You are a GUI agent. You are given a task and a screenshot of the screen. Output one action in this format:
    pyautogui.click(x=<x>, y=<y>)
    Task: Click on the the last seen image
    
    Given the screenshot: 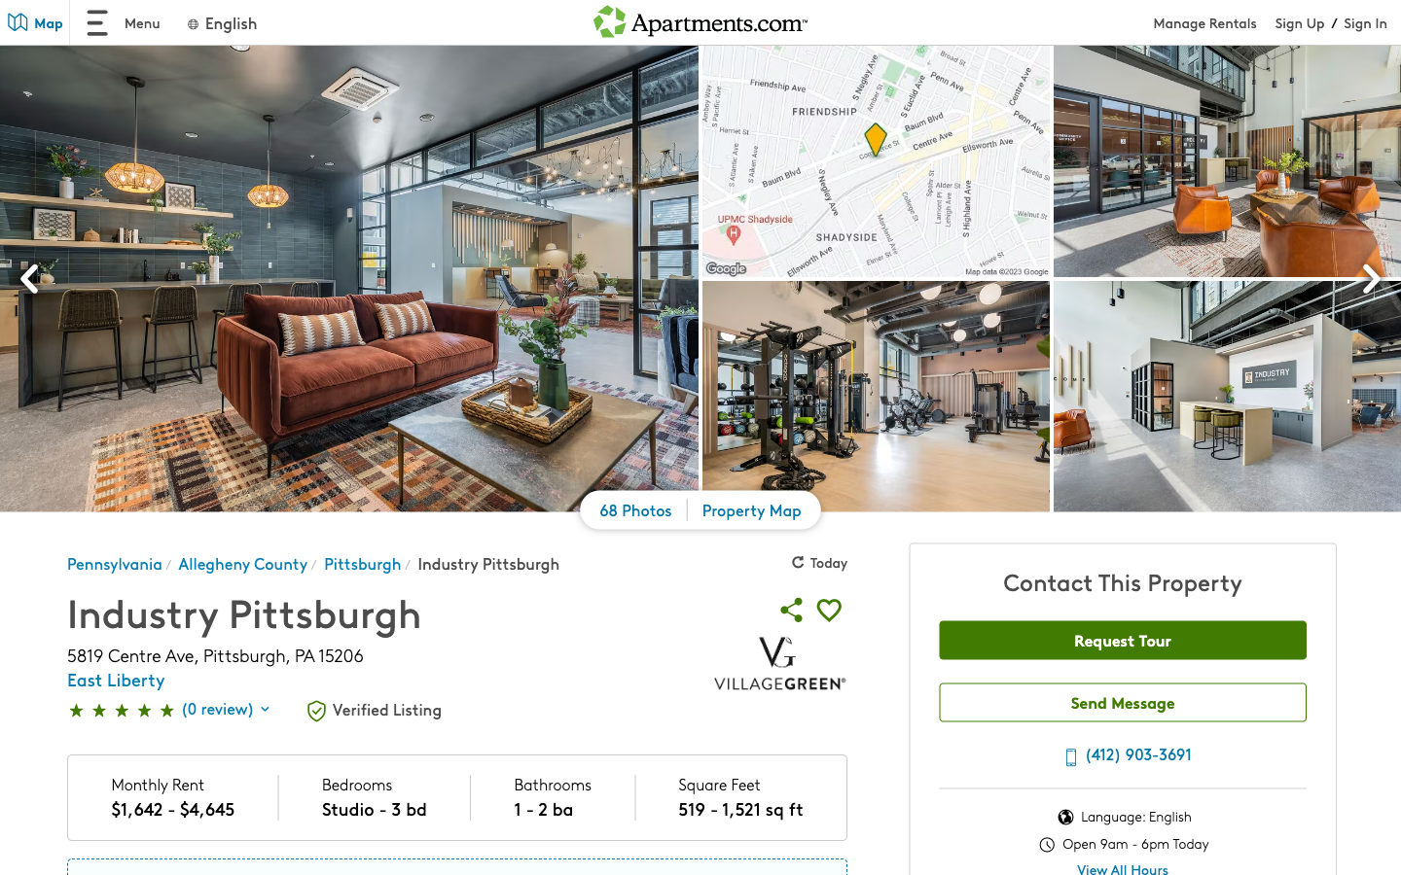 What is the action you would take?
    pyautogui.click(x=29, y=281)
    